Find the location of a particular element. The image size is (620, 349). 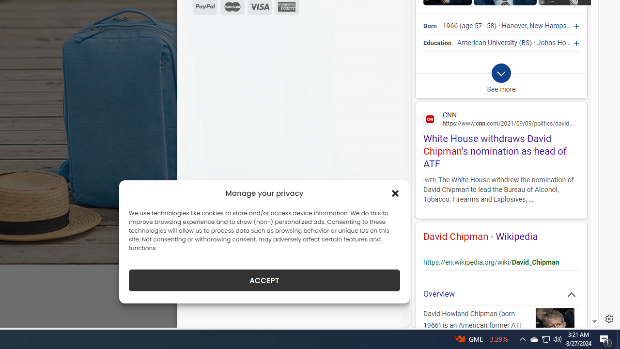

'Born' is located at coordinates (430, 26).